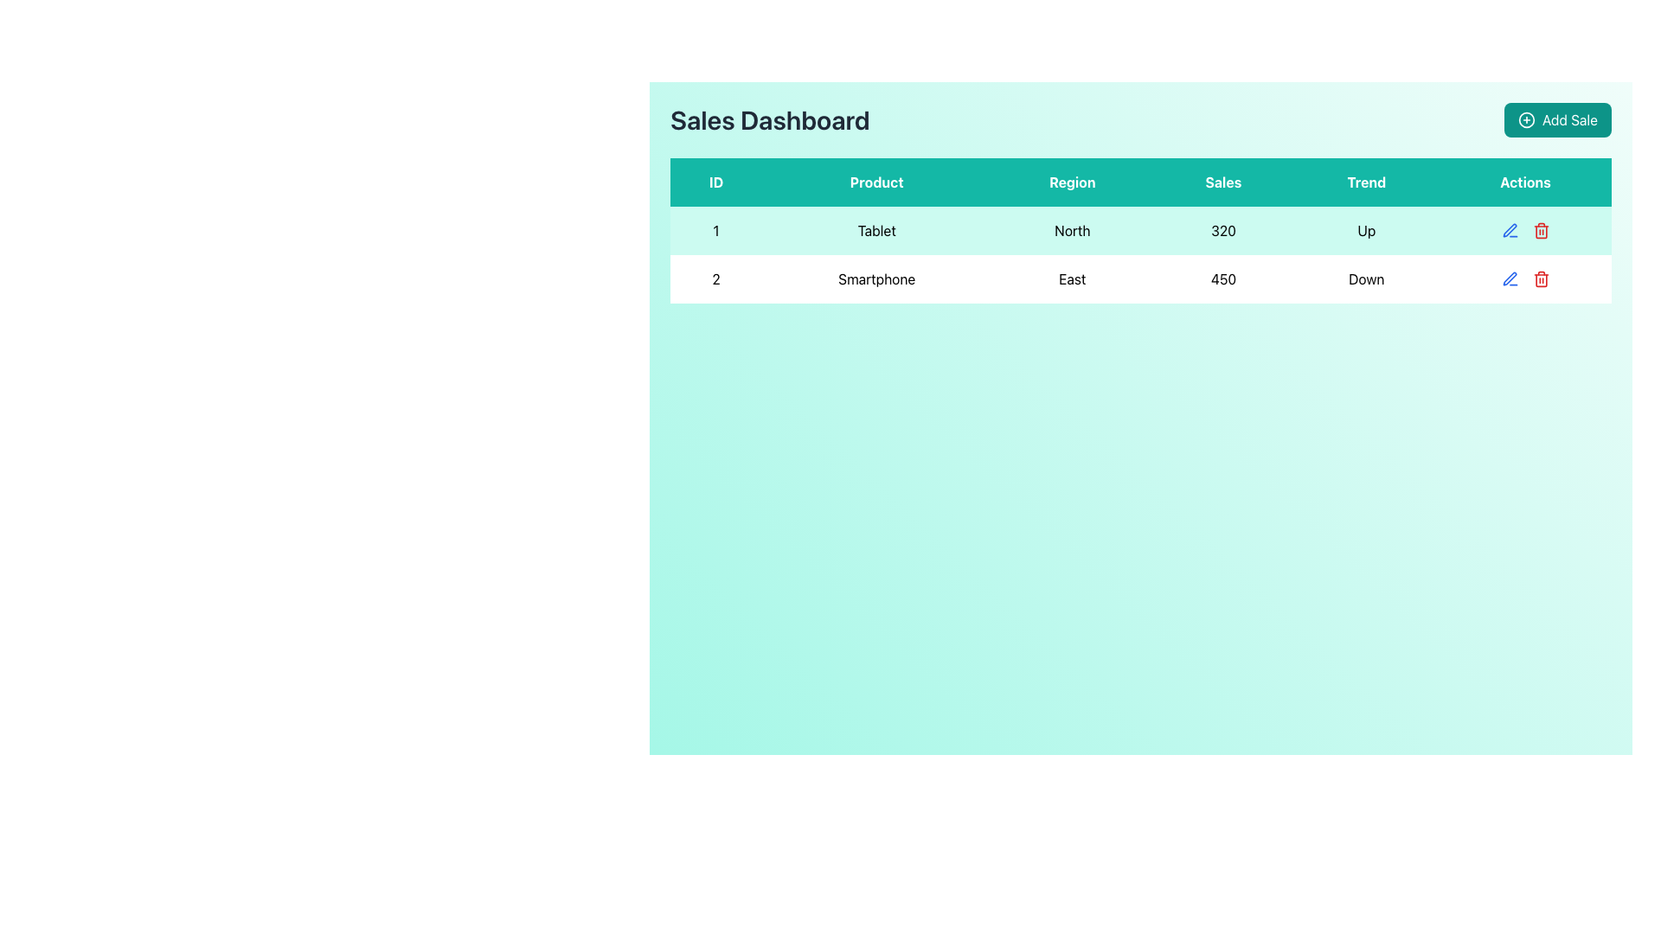 This screenshot has height=934, width=1661. I want to click on the Text Display element representing the product name 'Smartphone' located in the second row, second column of a data table, so click(876, 278).